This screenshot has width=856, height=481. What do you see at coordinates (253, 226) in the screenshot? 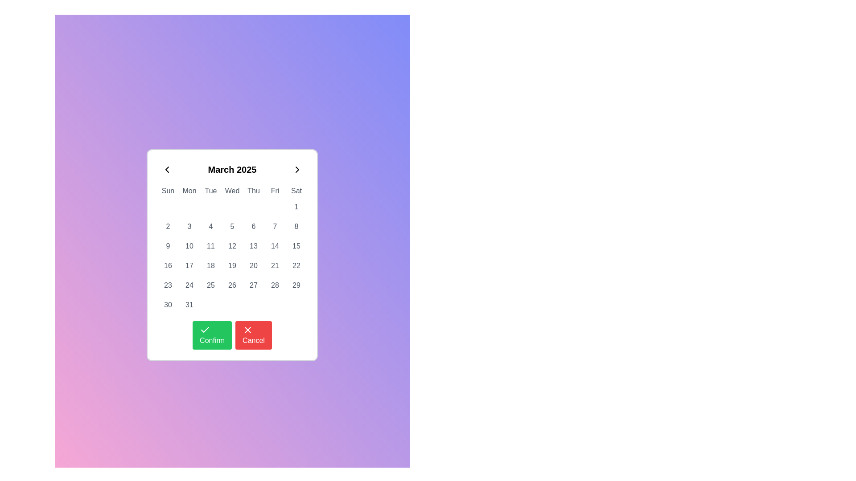
I see `the square-shaped button displaying the number '6' in a medium-sized font, located in the calendar grid under the 'Fri' column` at bounding box center [253, 226].